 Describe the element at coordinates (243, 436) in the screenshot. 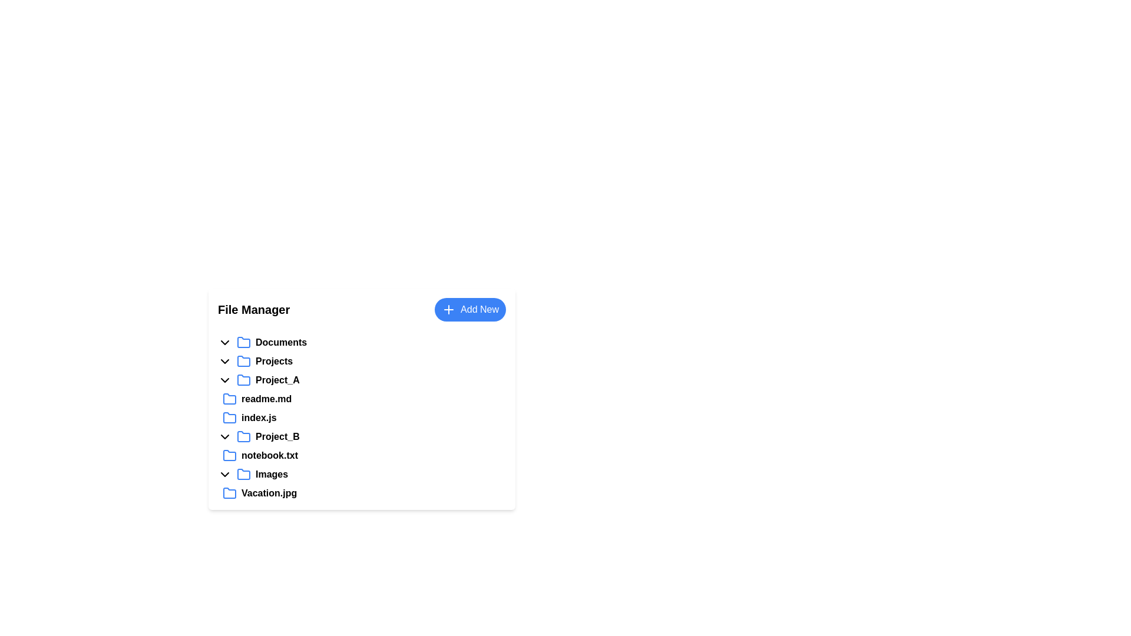

I see `the blue folder icon with rounded corners, located to the left of the 'Project_B' label` at that location.